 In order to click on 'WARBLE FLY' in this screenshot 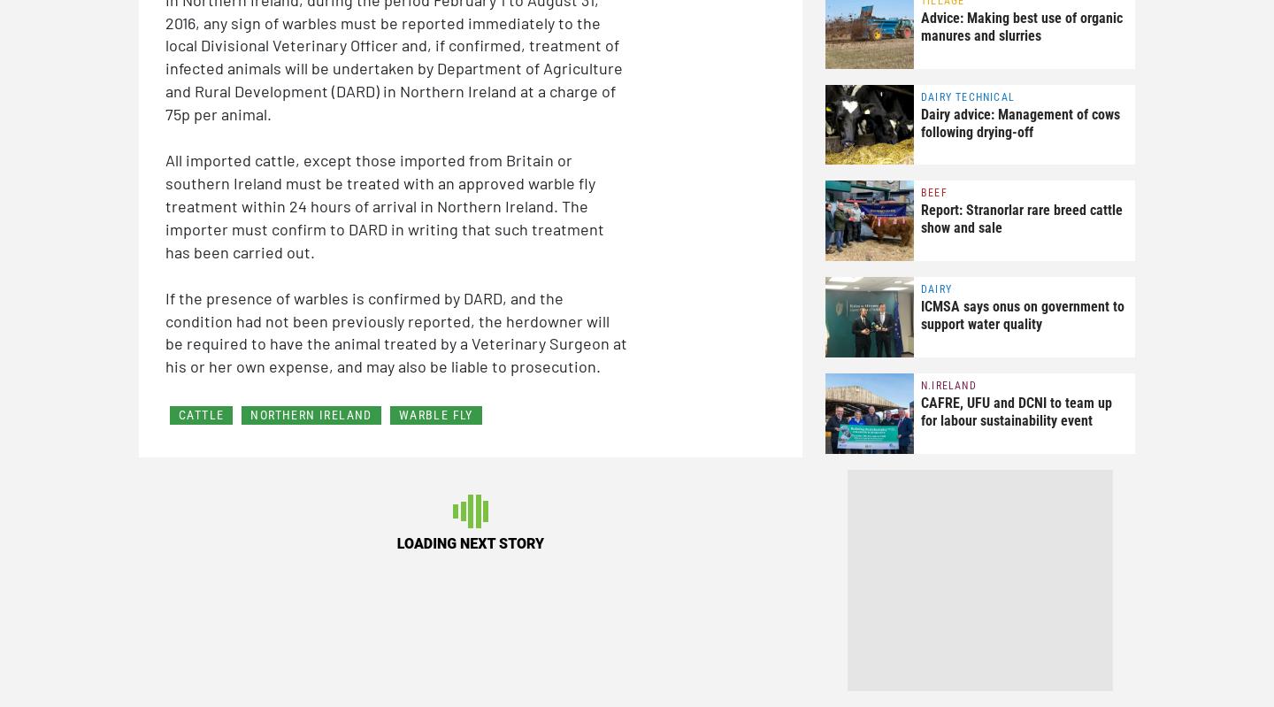, I will do `click(434, 414)`.